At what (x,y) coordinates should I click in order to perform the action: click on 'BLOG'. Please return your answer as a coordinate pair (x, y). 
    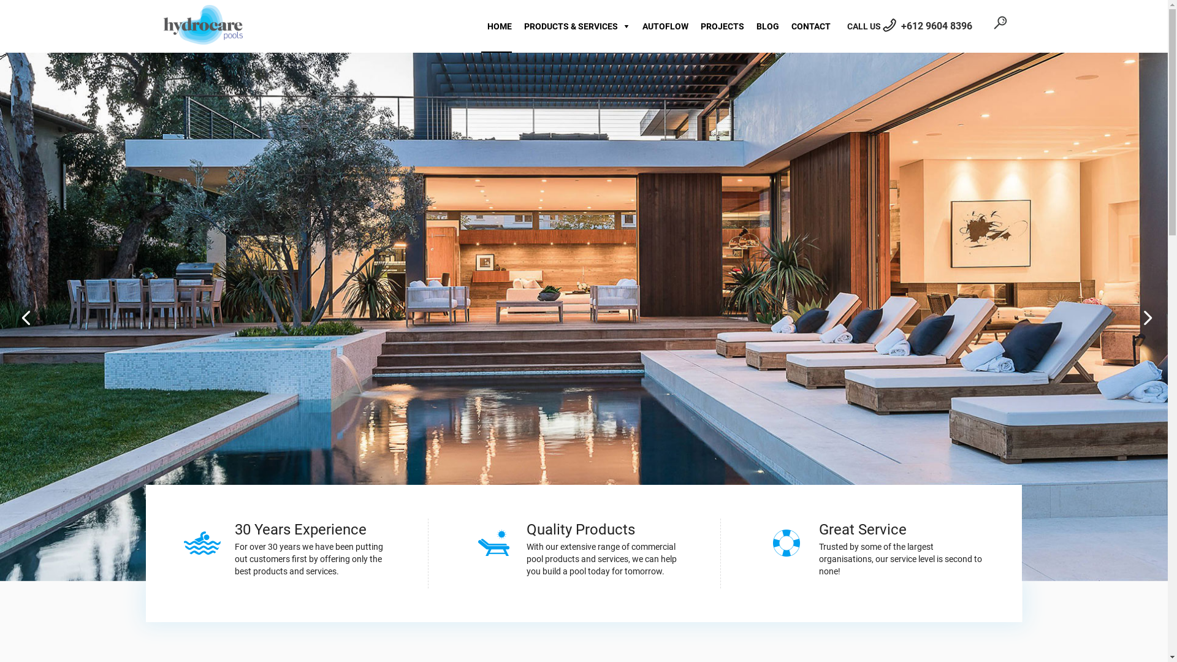
    Looking at the image, I should click on (764, 26).